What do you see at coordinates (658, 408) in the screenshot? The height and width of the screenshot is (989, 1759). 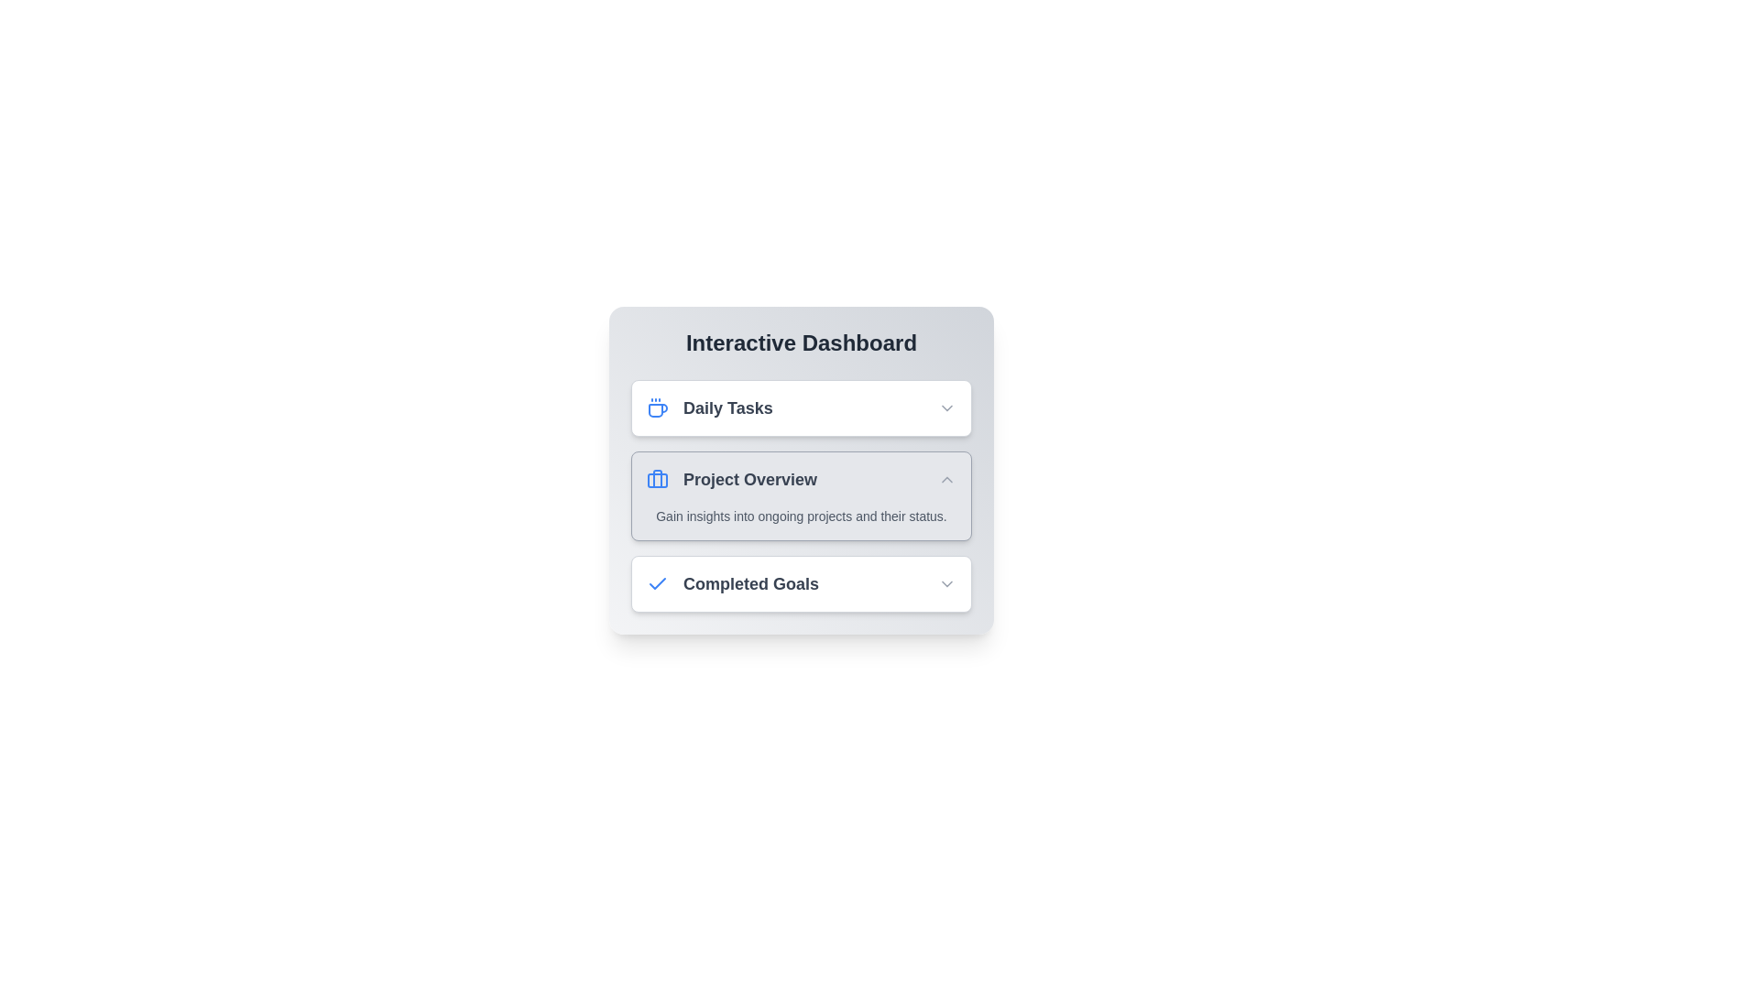 I see `the icon associated with Daily Tasks` at bounding box center [658, 408].